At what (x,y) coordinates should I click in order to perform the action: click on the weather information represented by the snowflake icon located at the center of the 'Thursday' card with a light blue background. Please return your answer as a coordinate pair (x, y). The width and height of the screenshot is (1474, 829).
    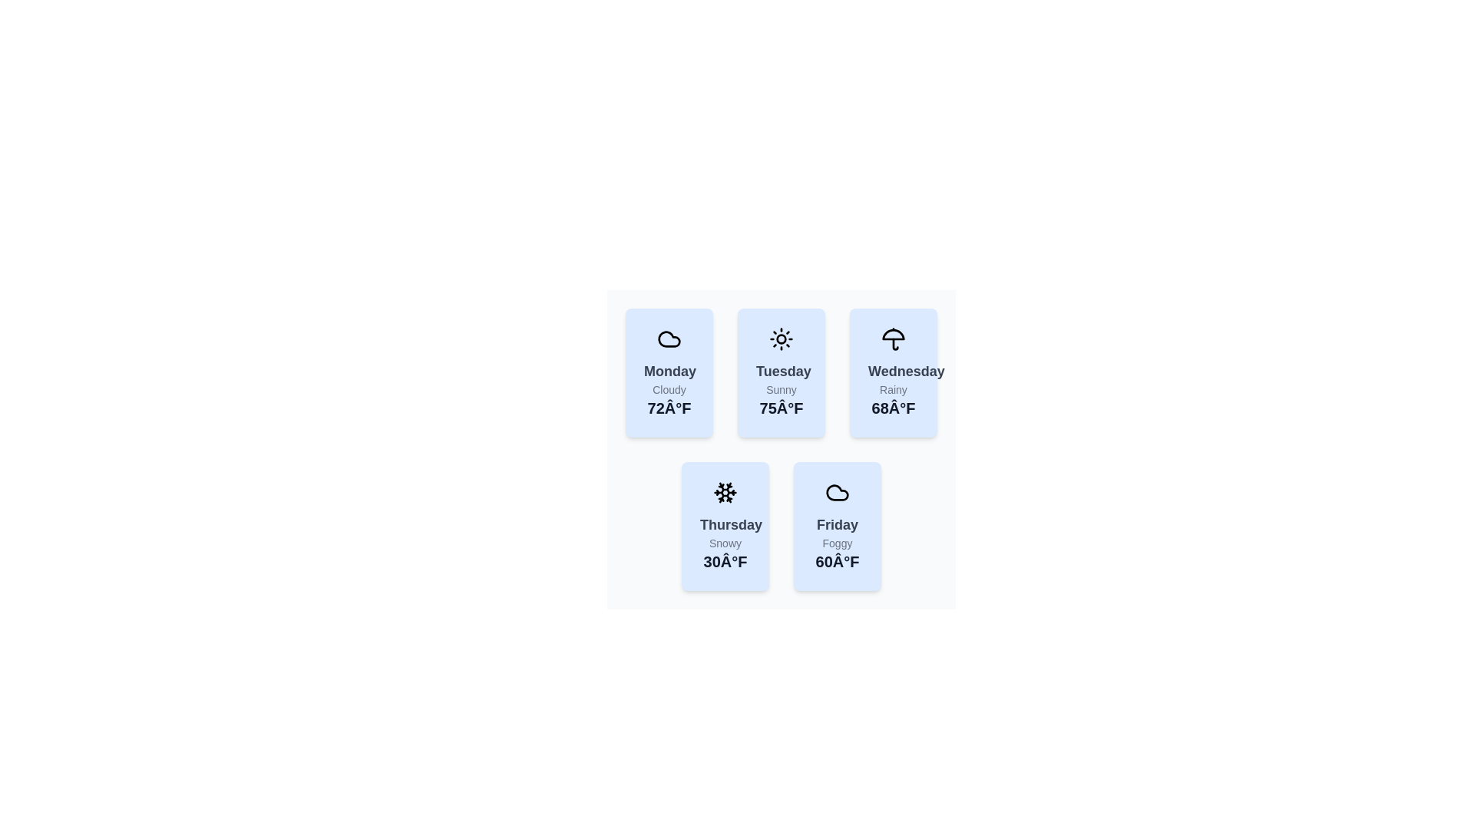
    Looking at the image, I should click on (725, 492).